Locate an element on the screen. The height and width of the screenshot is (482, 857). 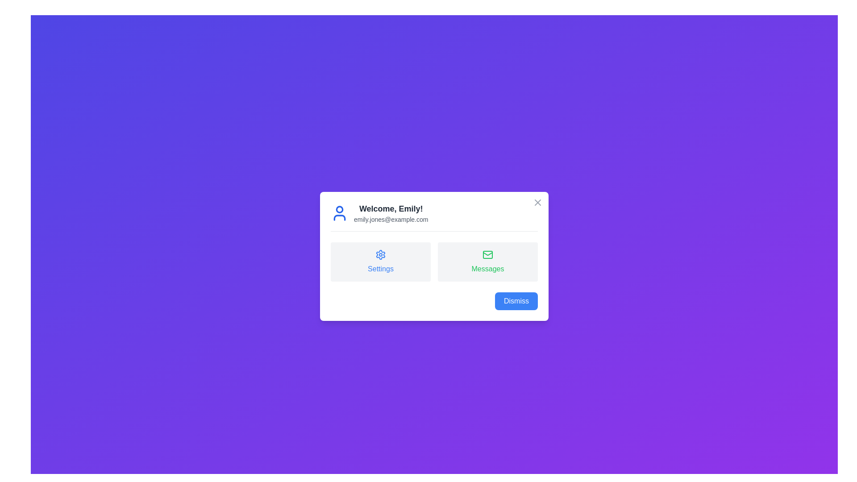
the close button located in the top-right corner of the modal window is located at coordinates (537, 202).